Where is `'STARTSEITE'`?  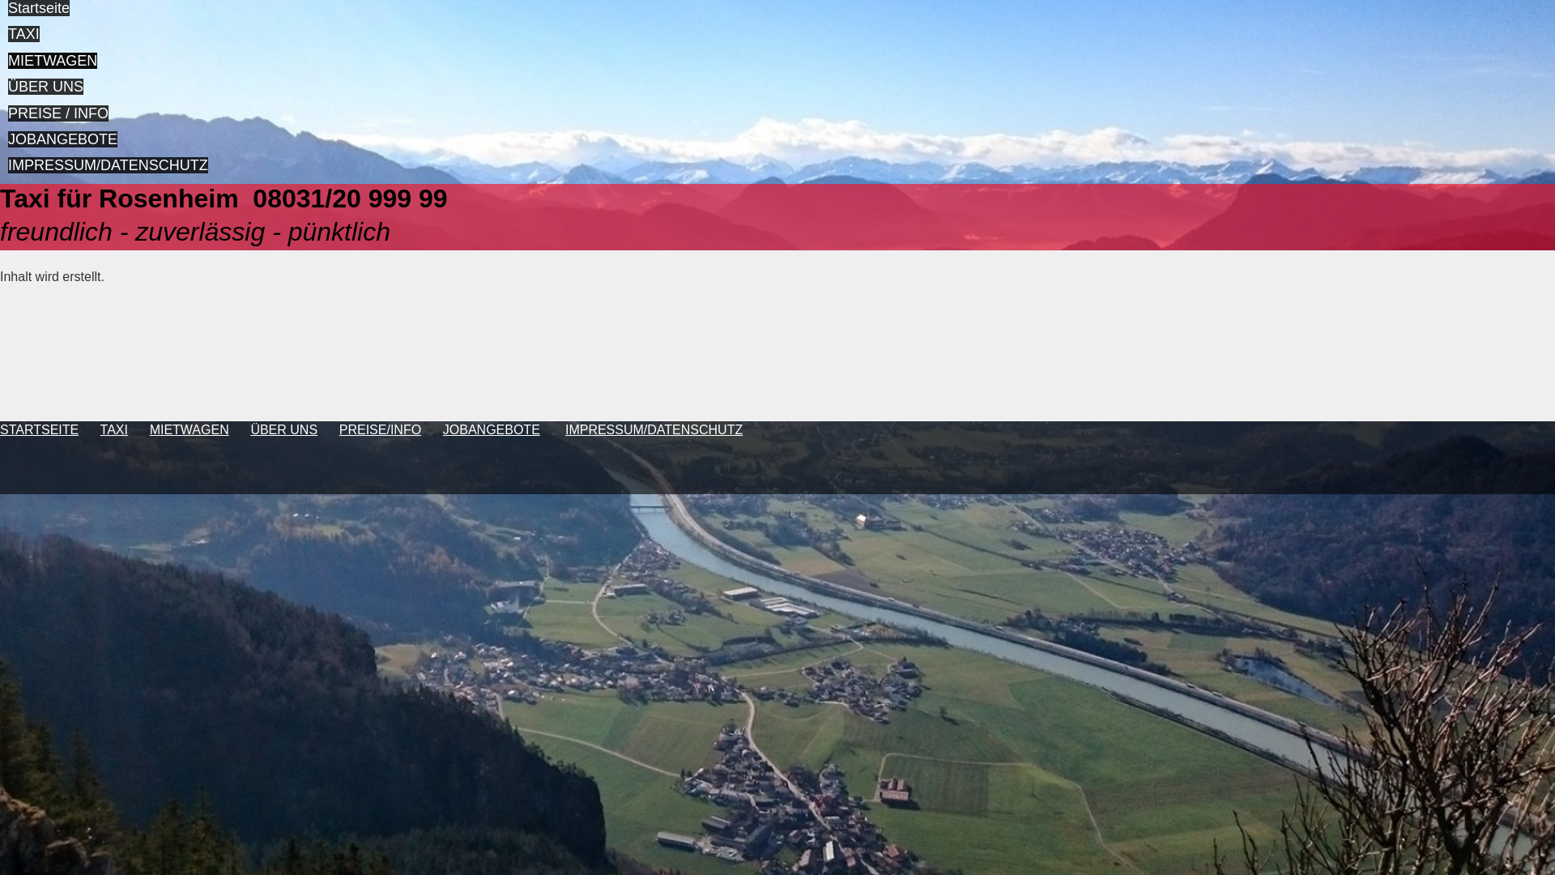
'STARTSEITE' is located at coordinates (0, 429).